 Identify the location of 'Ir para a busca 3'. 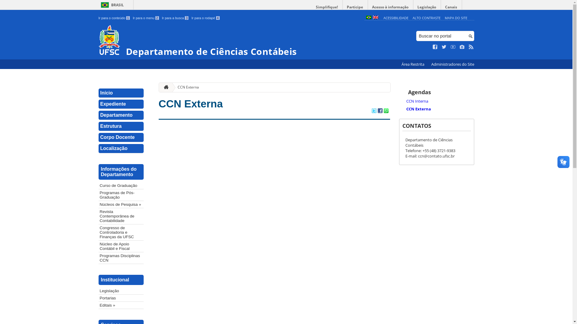
(175, 18).